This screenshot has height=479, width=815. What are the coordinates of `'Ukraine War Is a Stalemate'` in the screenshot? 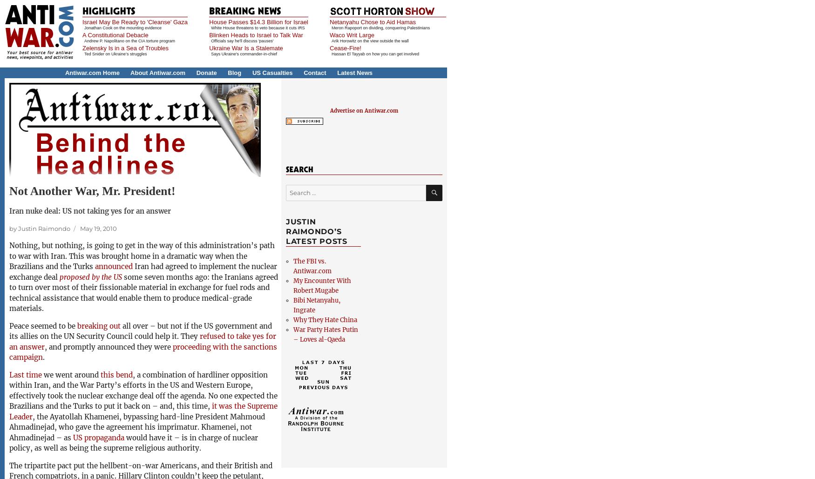 It's located at (245, 47).